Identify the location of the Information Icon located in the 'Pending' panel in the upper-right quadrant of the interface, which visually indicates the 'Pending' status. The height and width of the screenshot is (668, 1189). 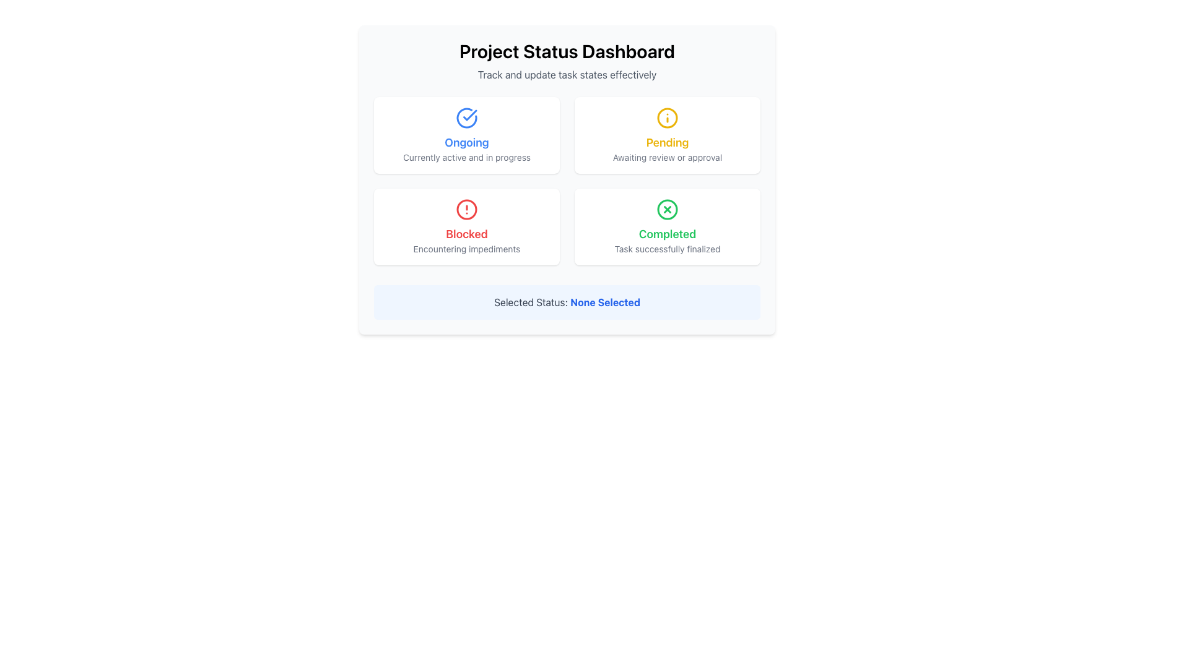
(667, 118).